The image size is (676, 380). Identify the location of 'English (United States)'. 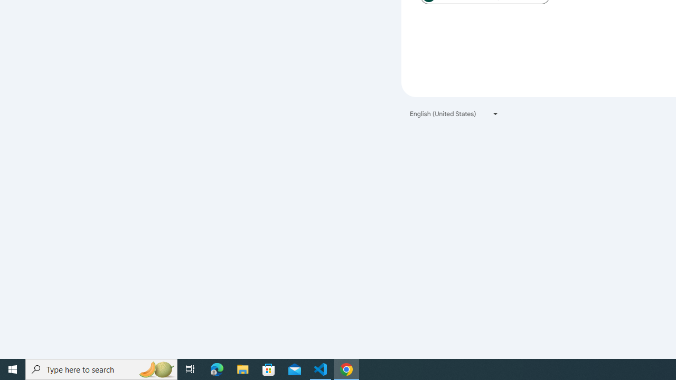
(454, 113).